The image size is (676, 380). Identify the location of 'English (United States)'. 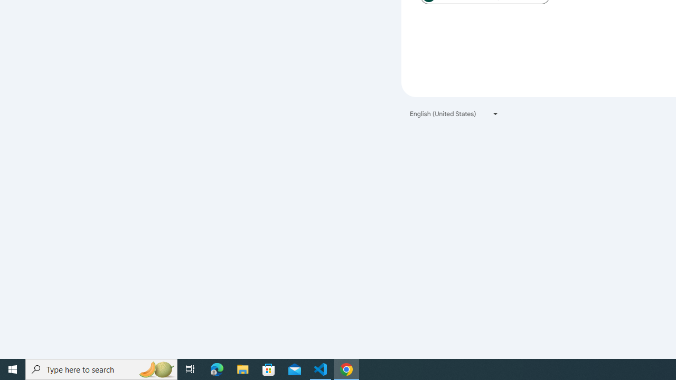
(454, 113).